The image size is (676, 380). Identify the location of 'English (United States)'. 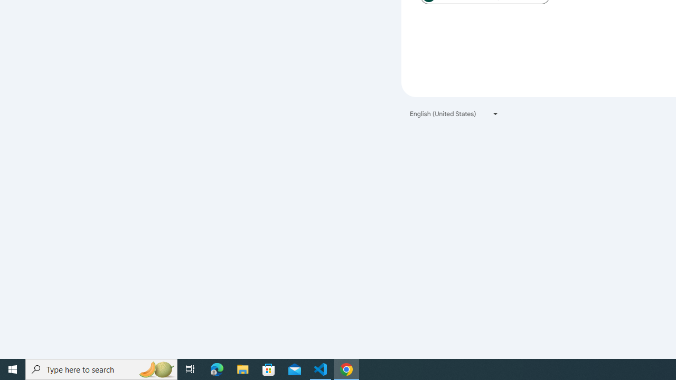
(454, 113).